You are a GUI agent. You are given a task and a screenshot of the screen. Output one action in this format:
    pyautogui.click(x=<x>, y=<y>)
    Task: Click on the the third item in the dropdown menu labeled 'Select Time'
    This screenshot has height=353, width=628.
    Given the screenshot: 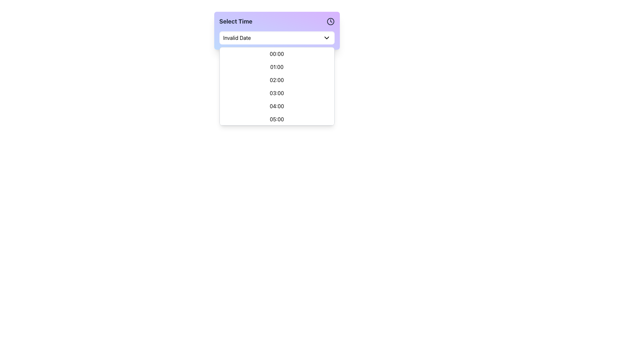 What is the action you would take?
    pyautogui.click(x=277, y=86)
    